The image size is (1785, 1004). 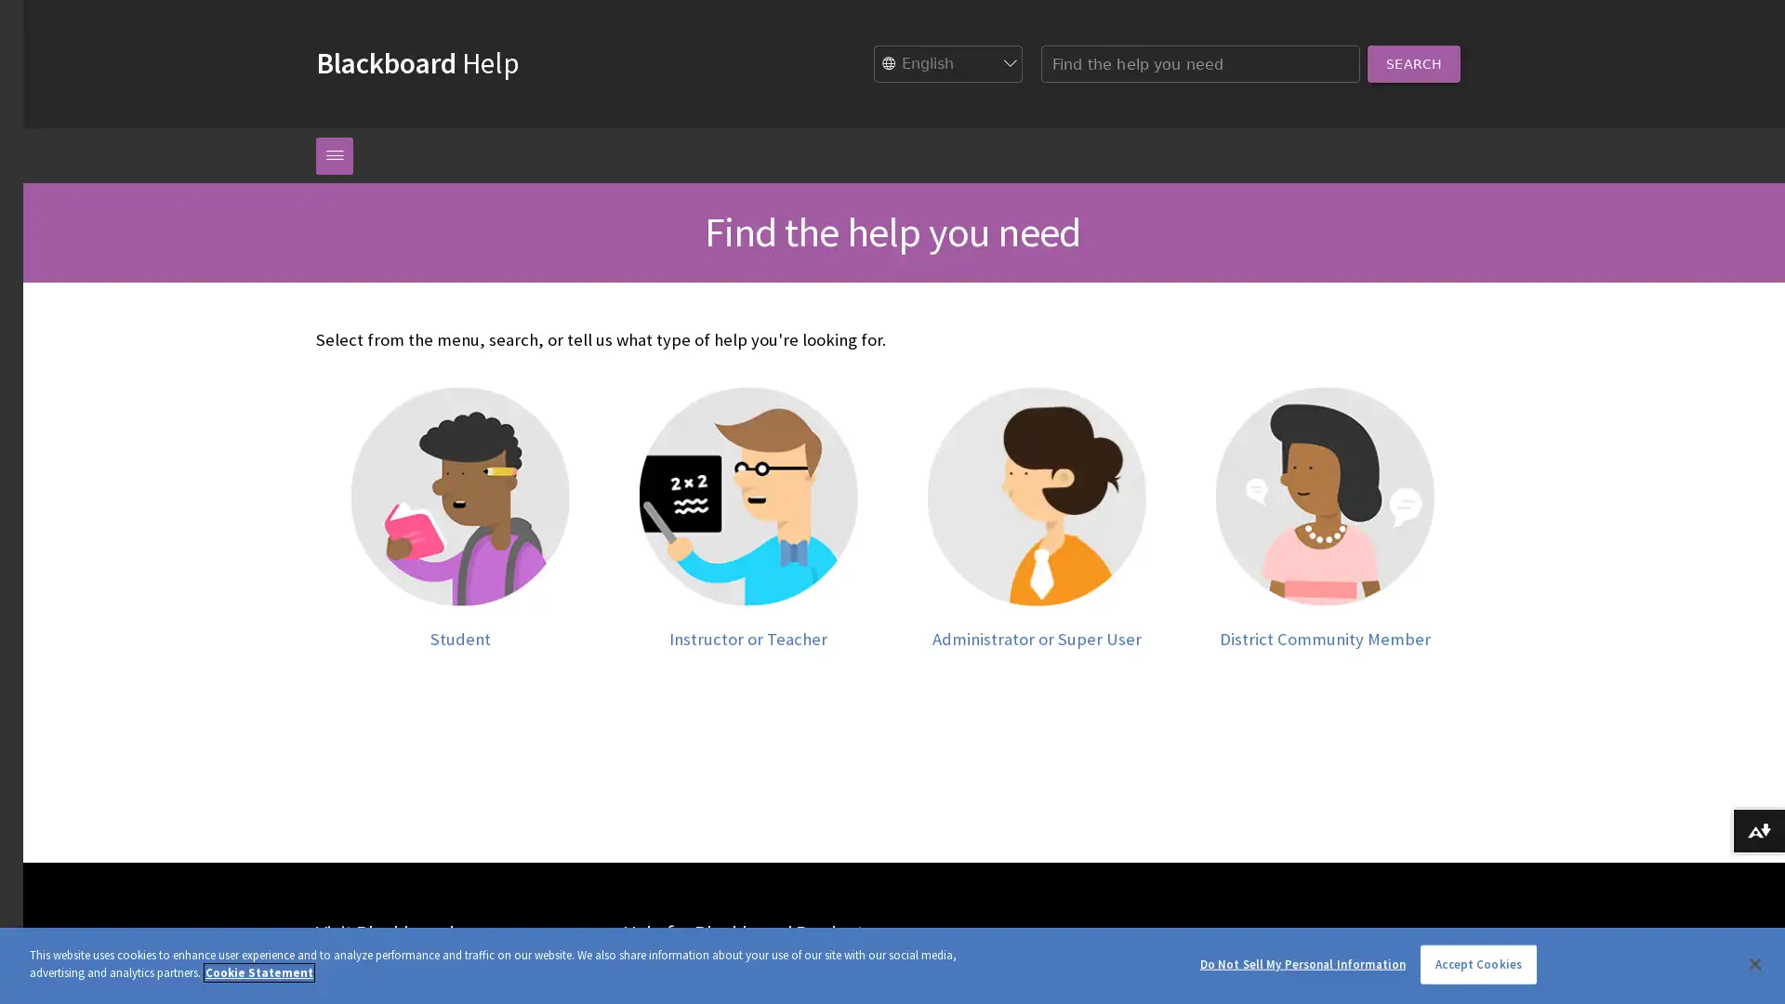 What do you see at coordinates (1413, 62) in the screenshot?
I see `SEARCH` at bounding box center [1413, 62].